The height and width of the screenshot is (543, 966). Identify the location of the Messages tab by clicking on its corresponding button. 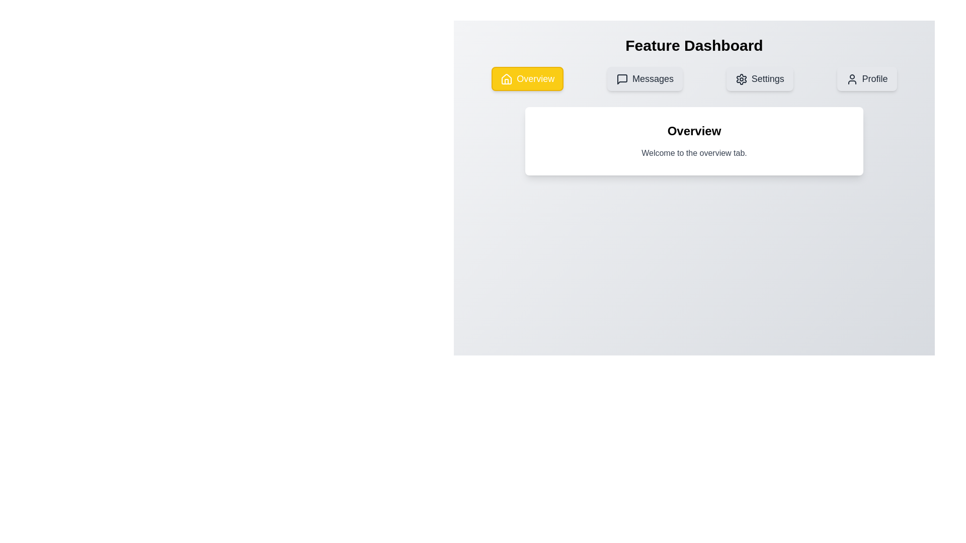
(645, 78).